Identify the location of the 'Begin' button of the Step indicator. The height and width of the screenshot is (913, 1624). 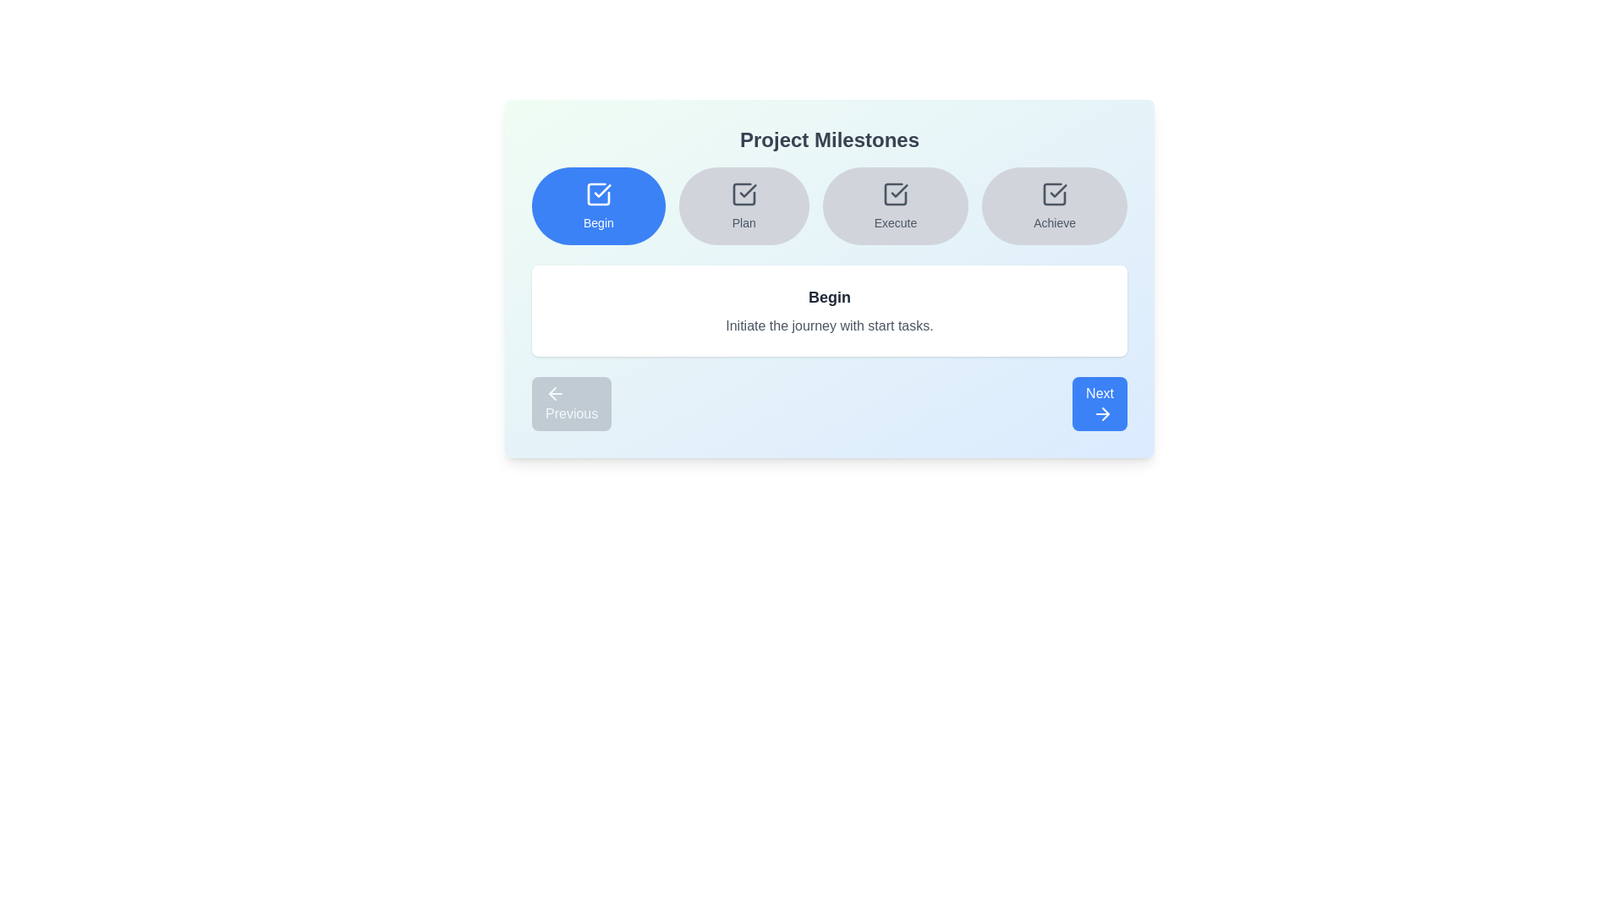
(829, 205).